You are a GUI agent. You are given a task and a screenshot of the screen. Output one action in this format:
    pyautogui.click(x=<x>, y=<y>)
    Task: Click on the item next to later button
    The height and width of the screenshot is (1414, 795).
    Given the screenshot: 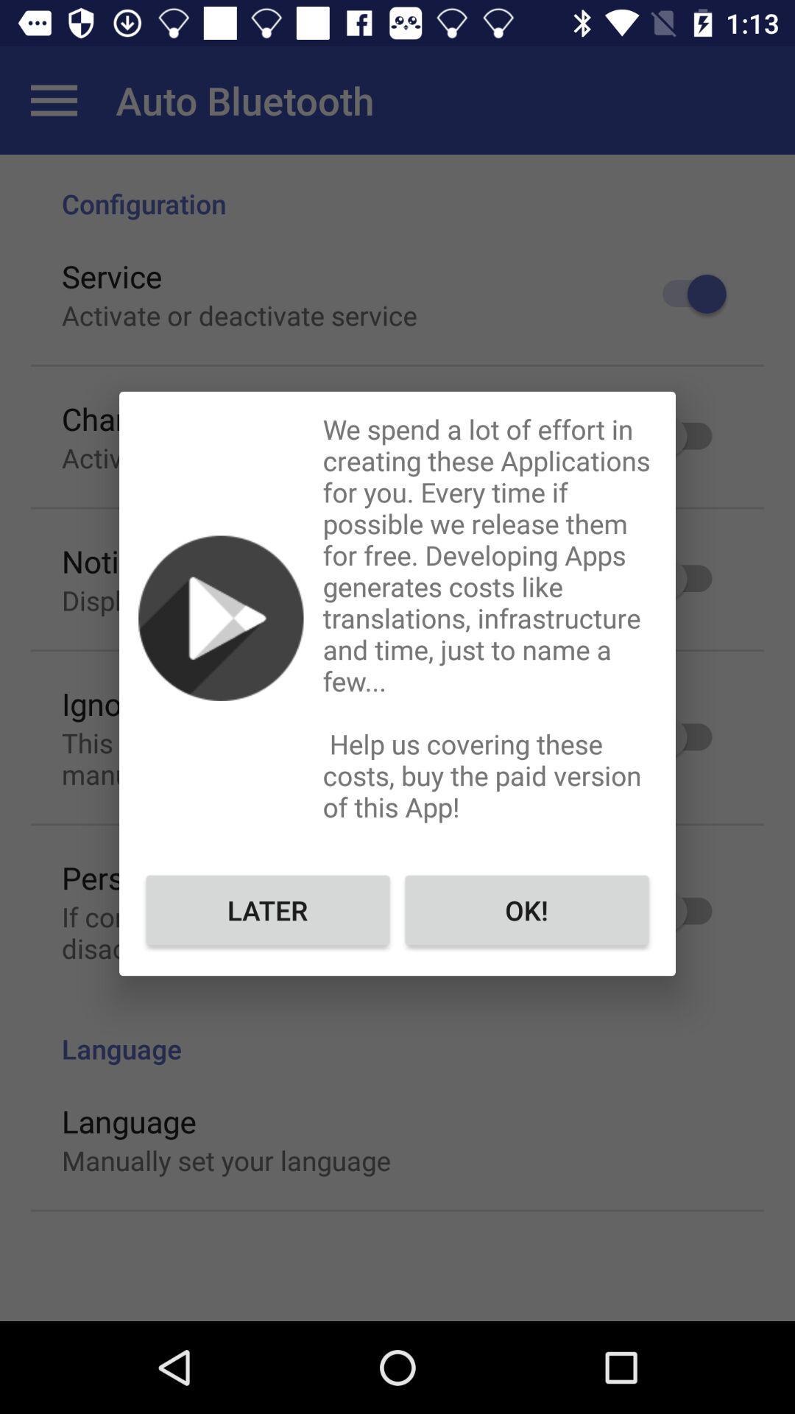 What is the action you would take?
    pyautogui.click(x=526, y=909)
    